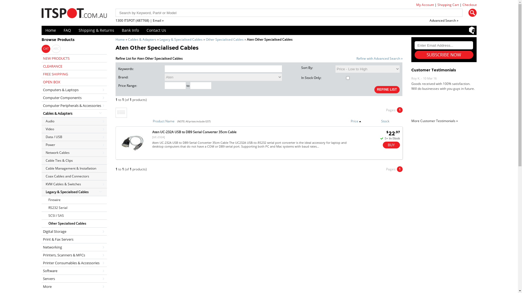  I want to click on 'Bank Info', so click(130, 30).